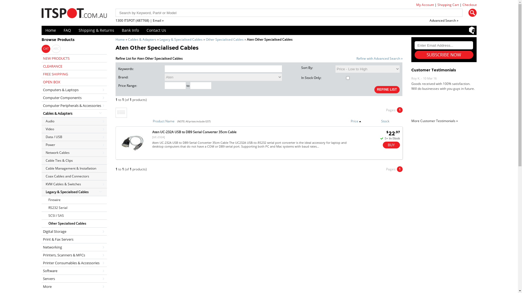  I want to click on 'Bank Info', so click(130, 30).